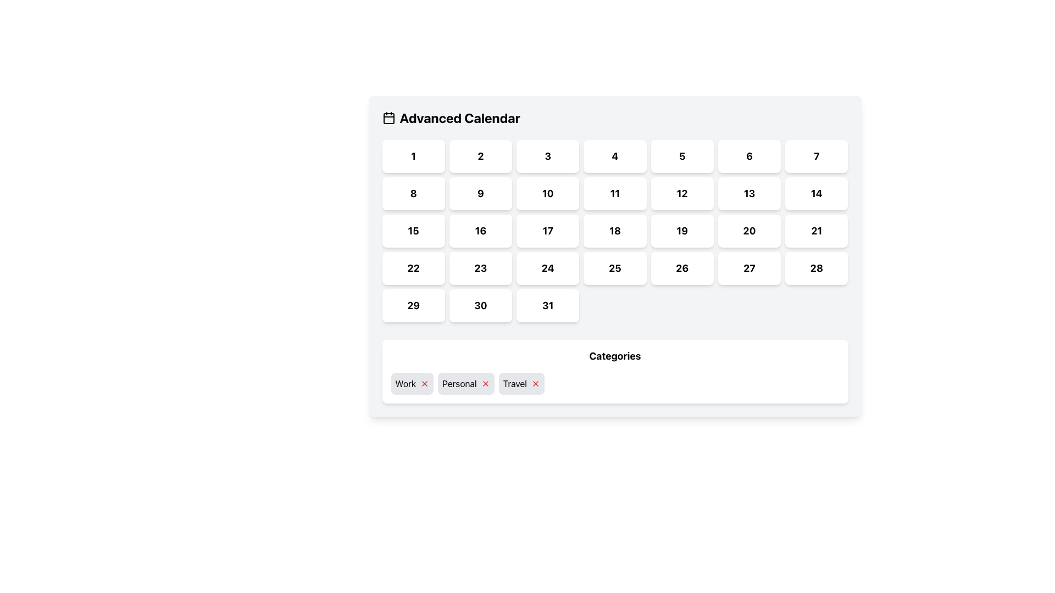 The width and height of the screenshot is (1055, 593). I want to click on the date option '19' within the calendar interface, so click(681, 230).